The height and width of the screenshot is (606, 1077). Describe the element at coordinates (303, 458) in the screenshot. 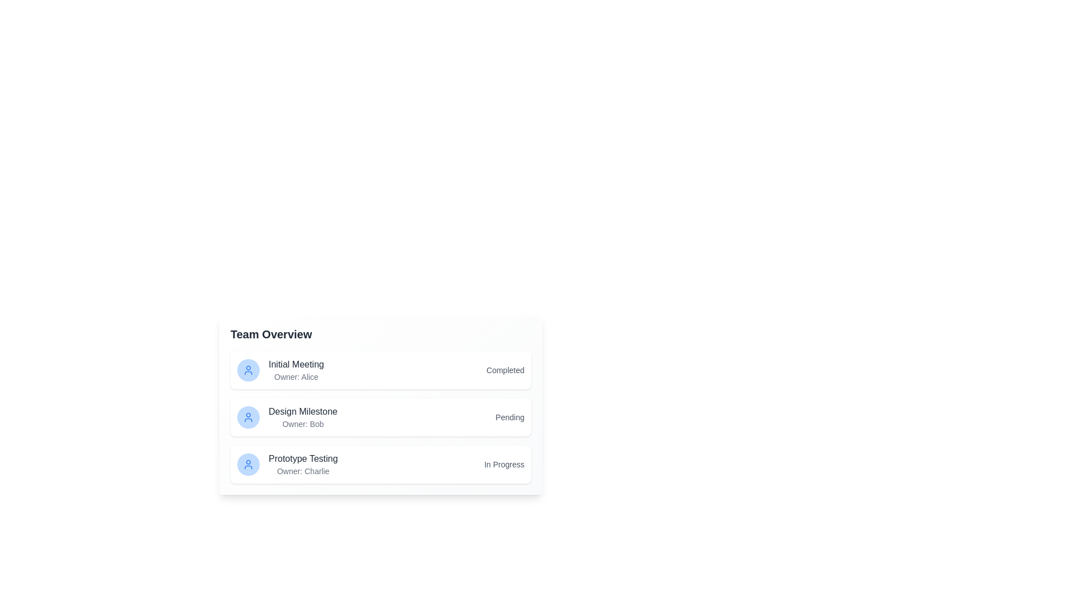

I see `the 'Prototype Testing' text label, which is displayed in medium, dark gray font and is part of the third item in the vertical list under the 'Team Overview' section` at that location.